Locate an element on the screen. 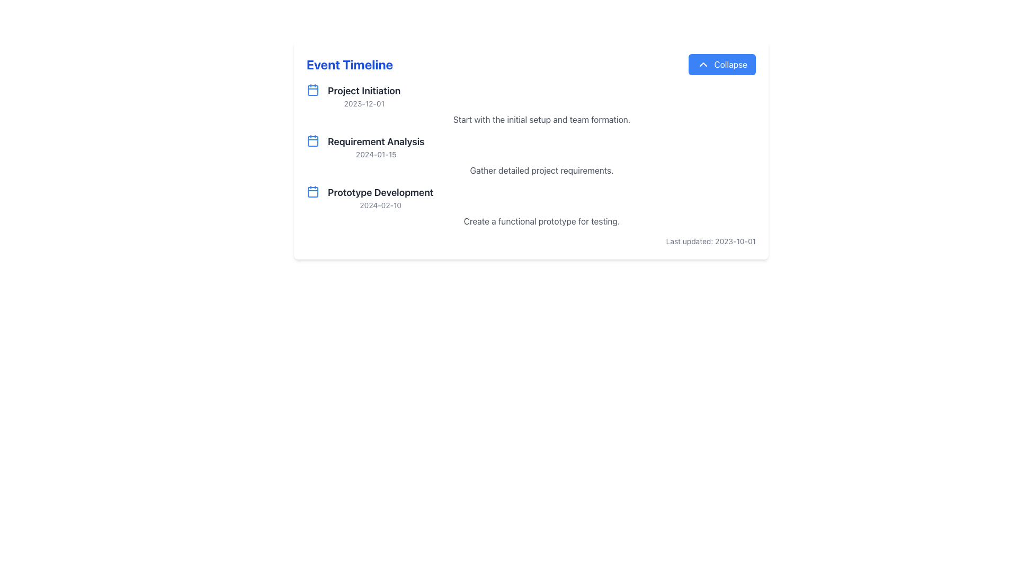  the first item in the event timeline, which displays the event's title and associated date, located directly below the 'Event Timeline' heading and to the right of a calendar icon is located at coordinates (364, 96).